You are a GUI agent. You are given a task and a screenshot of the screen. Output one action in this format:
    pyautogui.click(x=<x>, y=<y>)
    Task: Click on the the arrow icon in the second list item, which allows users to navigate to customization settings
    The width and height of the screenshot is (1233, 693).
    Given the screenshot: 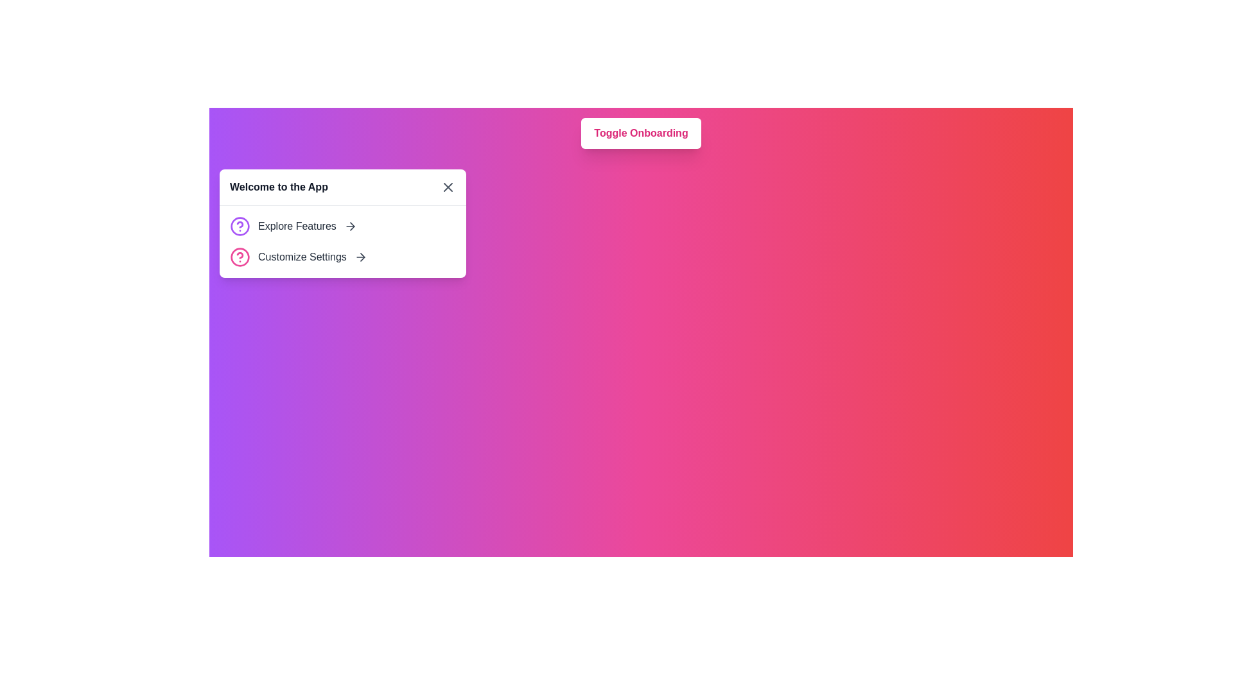 What is the action you would take?
    pyautogui.click(x=342, y=257)
    